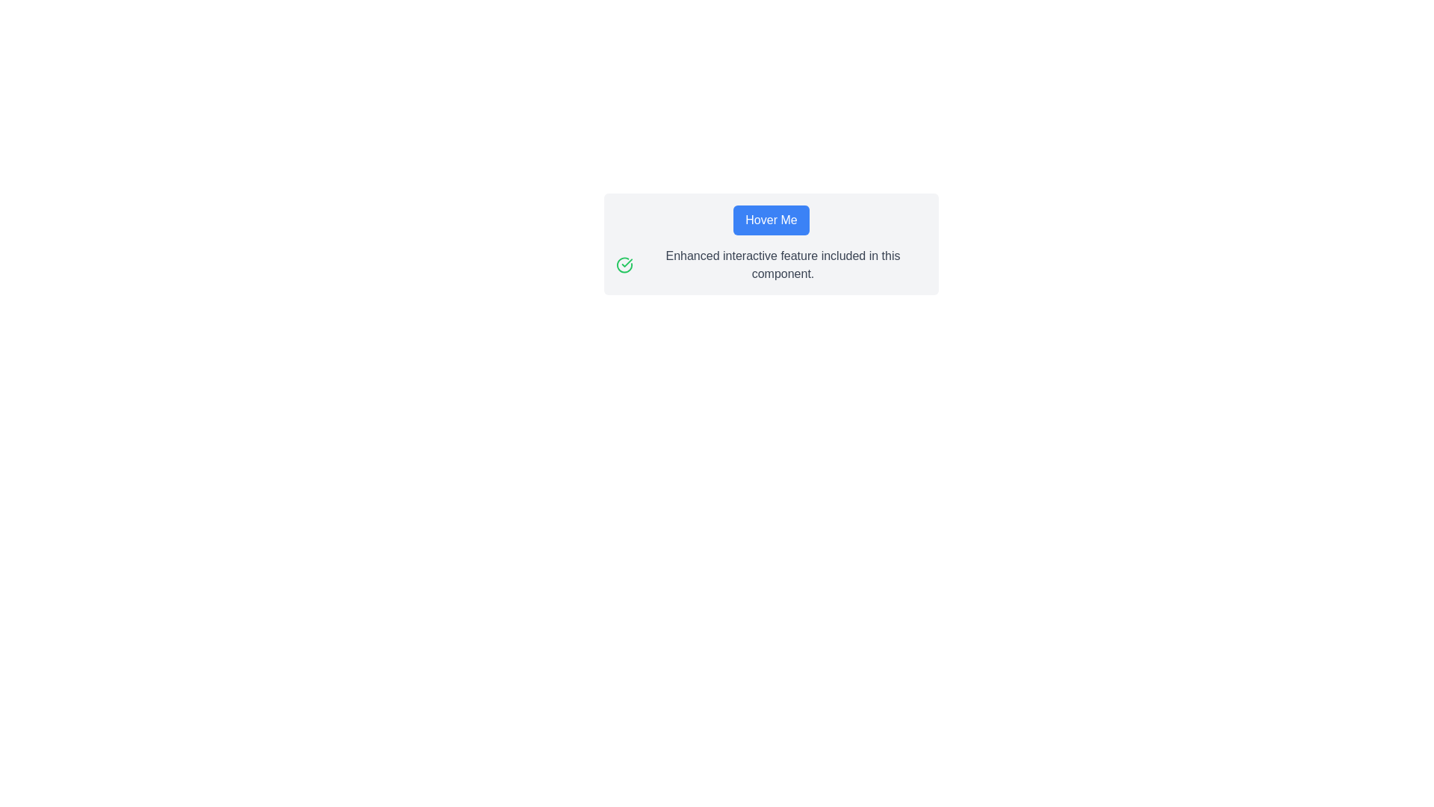  What do you see at coordinates (782, 264) in the screenshot?
I see `the text label that reads 'Enhanced interactive feature included in this component.', which is styled in gray and positioned to the right of a green check icon and below a button labeled 'Hover Me'` at bounding box center [782, 264].